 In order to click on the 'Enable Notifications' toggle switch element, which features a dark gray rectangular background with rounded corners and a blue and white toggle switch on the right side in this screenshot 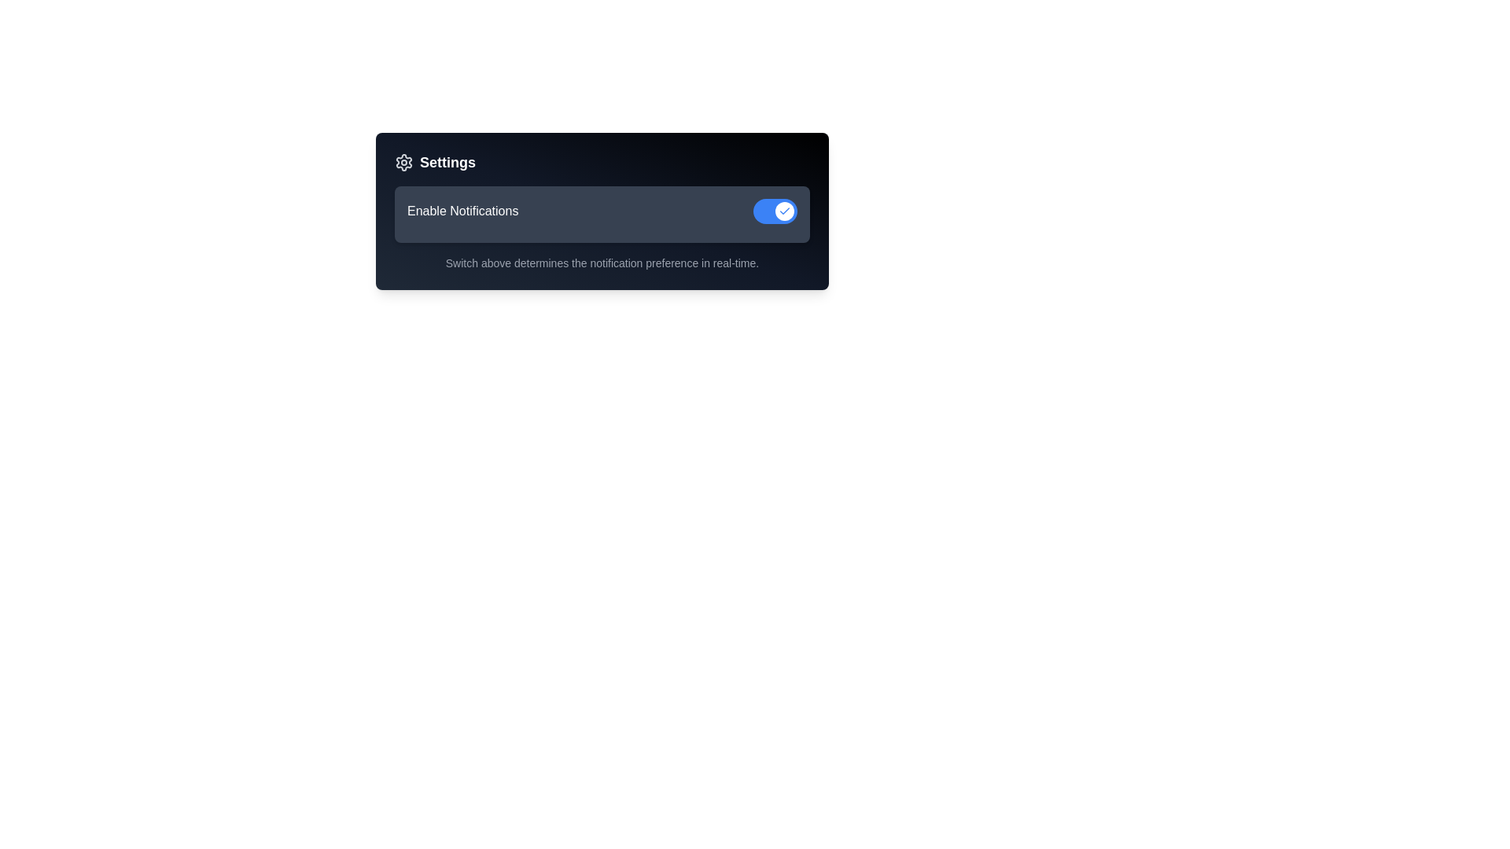, I will do `click(602, 215)`.